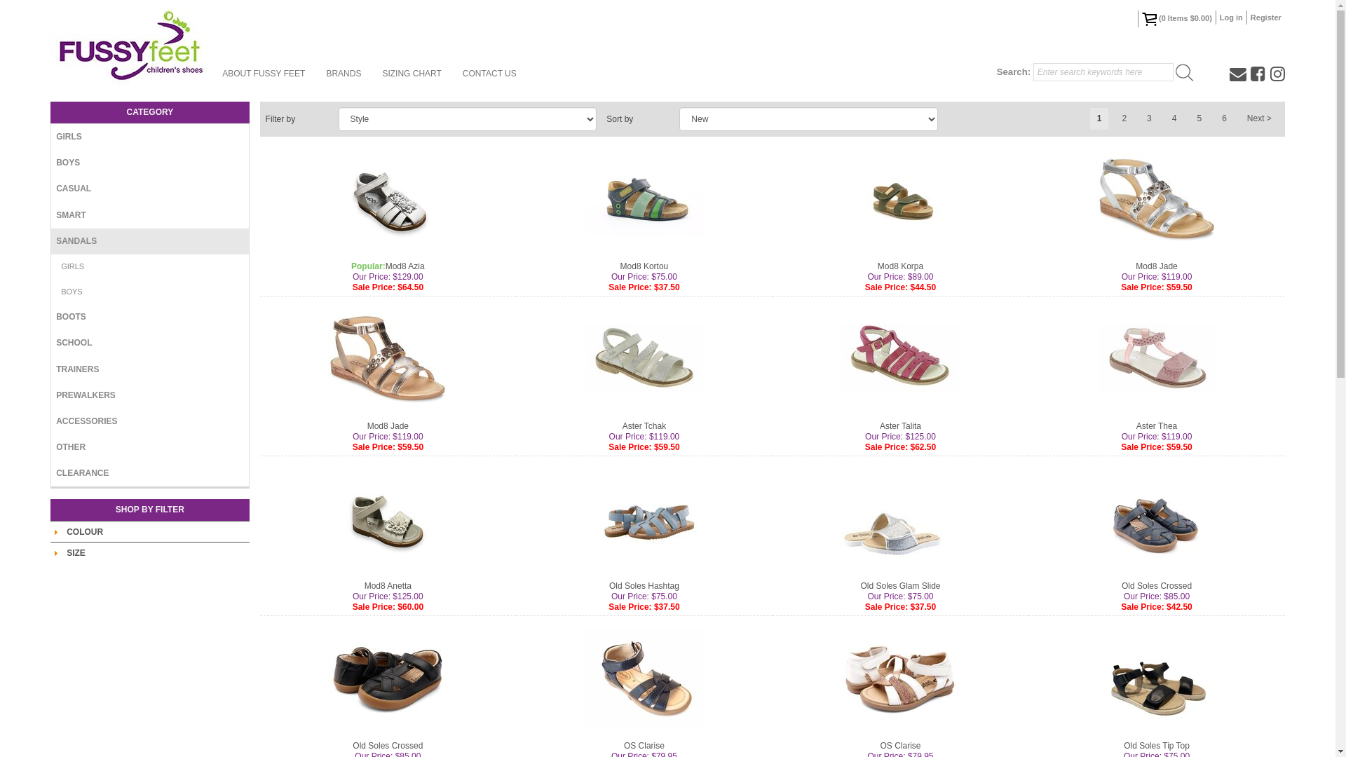 This screenshot has width=1346, height=757. Describe the element at coordinates (1157, 678) in the screenshot. I see `'Old Soles Tip Top-sandals-Fussy Feet - Childrens Shoes'` at that location.